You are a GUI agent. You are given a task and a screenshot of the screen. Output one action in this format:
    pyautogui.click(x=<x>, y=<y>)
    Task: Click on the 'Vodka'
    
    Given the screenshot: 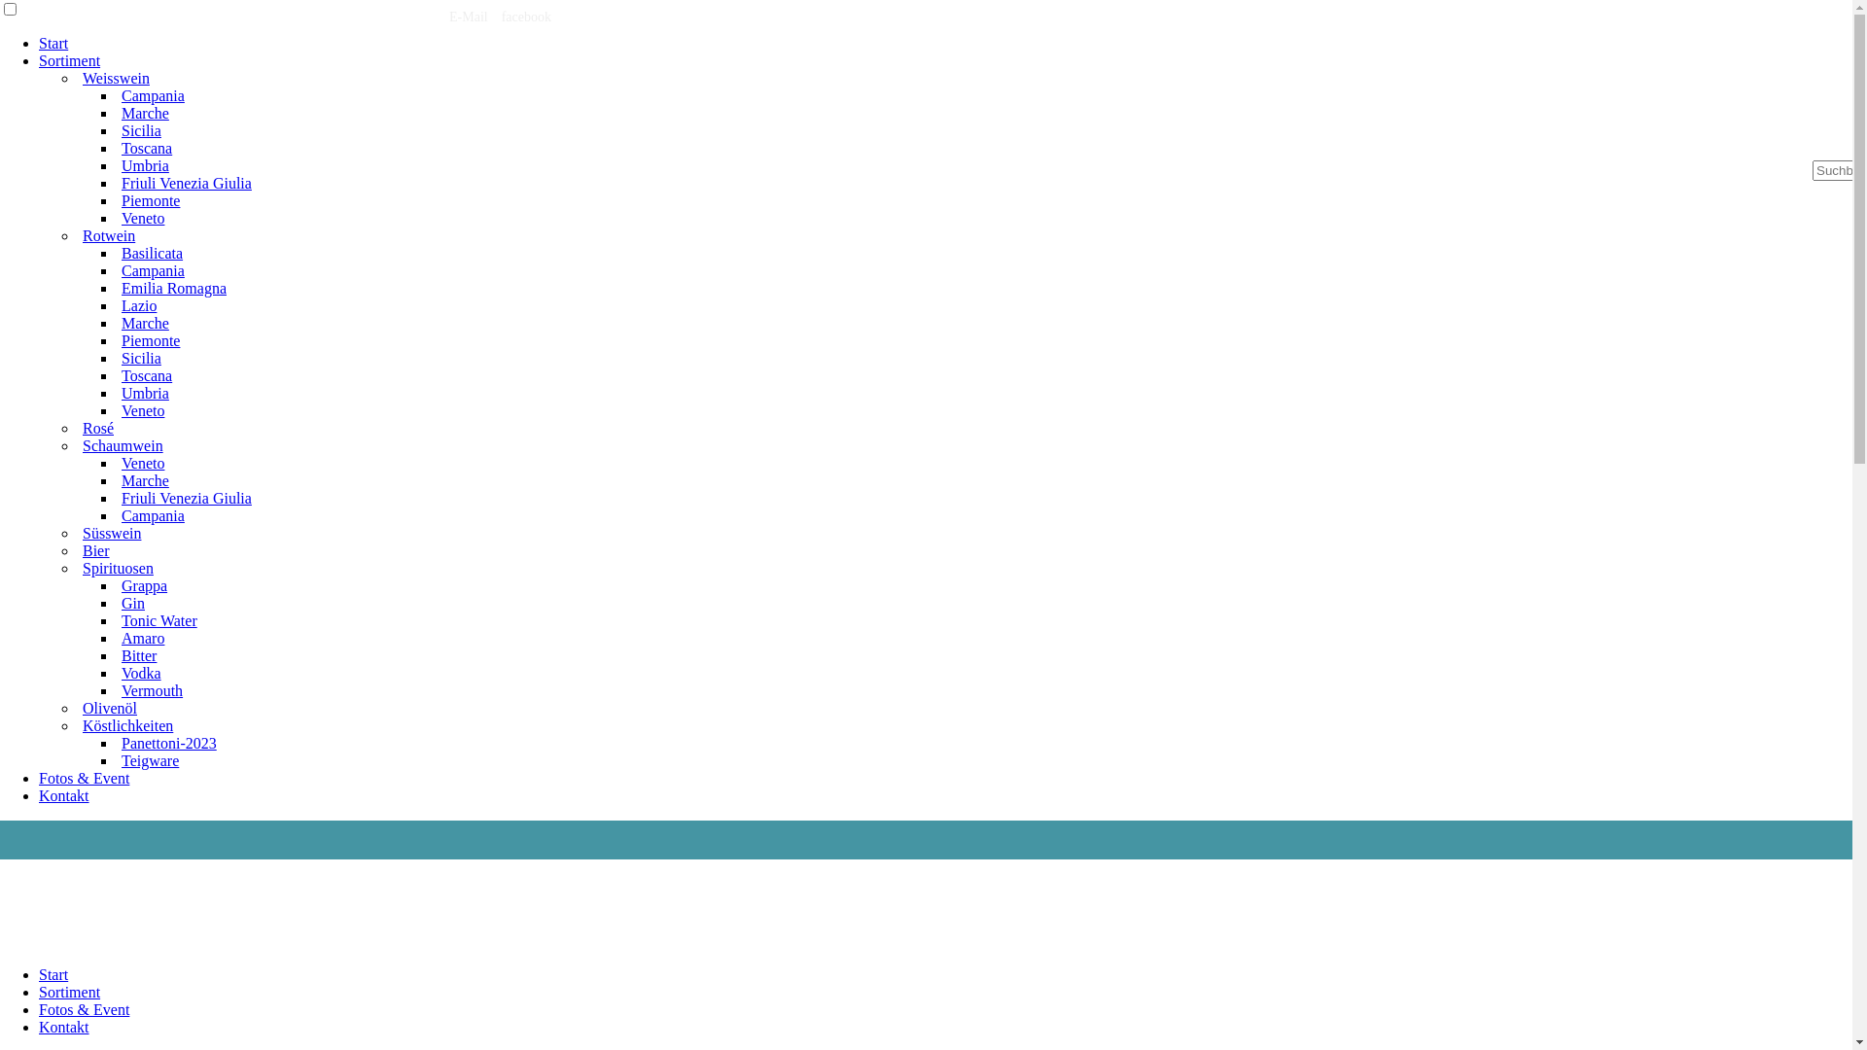 What is the action you would take?
    pyautogui.click(x=140, y=672)
    